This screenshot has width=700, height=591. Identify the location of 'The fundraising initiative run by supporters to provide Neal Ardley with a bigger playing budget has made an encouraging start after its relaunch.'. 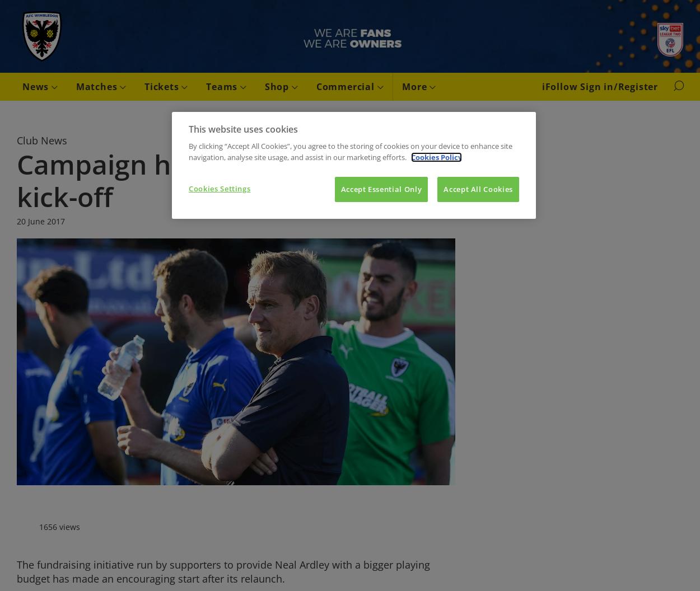
(17, 571).